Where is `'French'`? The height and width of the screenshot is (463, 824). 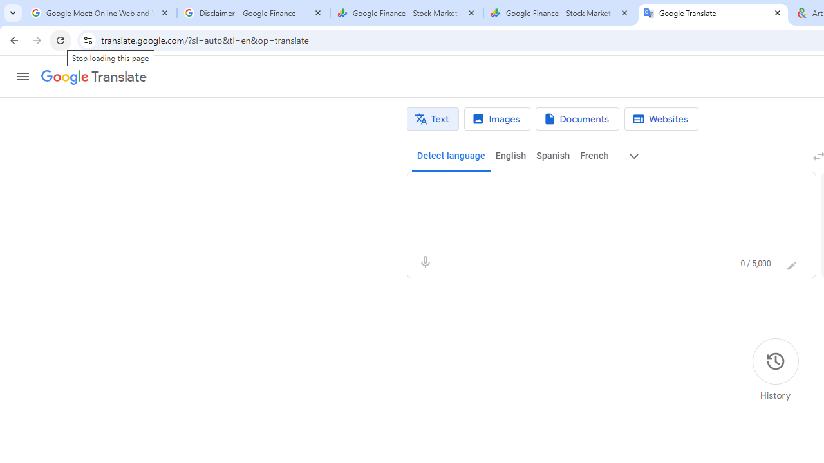 'French' is located at coordinates (593, 156).